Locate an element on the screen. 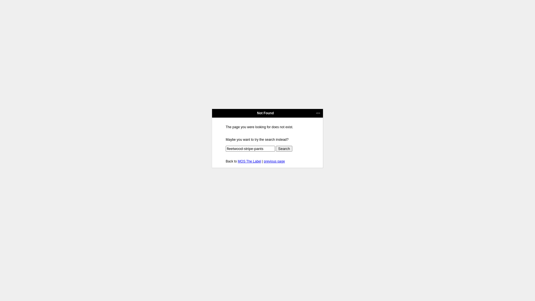 This screenshot has height=301, width=535. 'MOS The Label' is located at coordinates (249, 161).